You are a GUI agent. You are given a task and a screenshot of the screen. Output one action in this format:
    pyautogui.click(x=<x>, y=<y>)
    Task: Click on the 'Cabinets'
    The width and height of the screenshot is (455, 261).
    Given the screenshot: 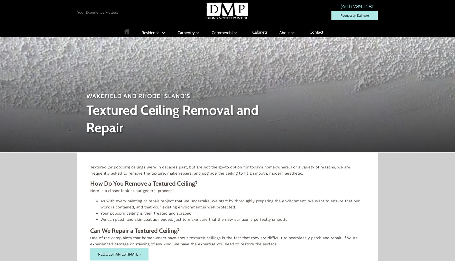 What is the action you would take?
    pyautogui.click(x=260, y=32)
    